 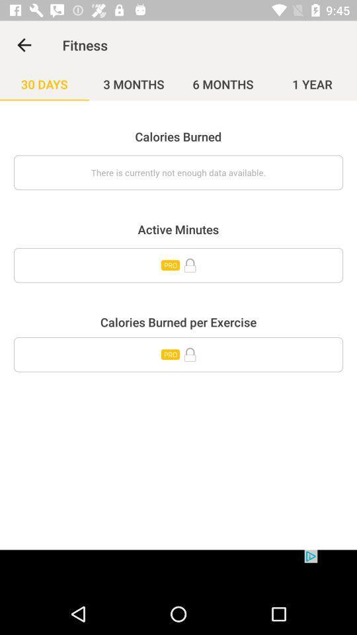 I want to click on digit the text, so click(x=178, y=354).